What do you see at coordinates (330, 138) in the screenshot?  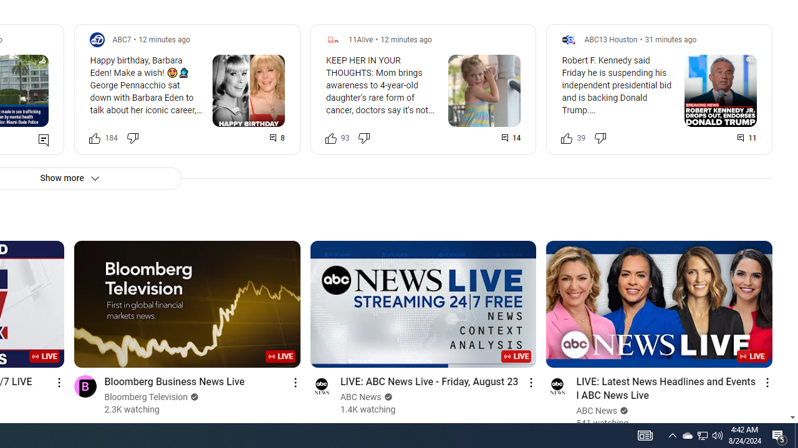 I see `'Like this post along with 93 other people'` at bounding box center [330, 138].